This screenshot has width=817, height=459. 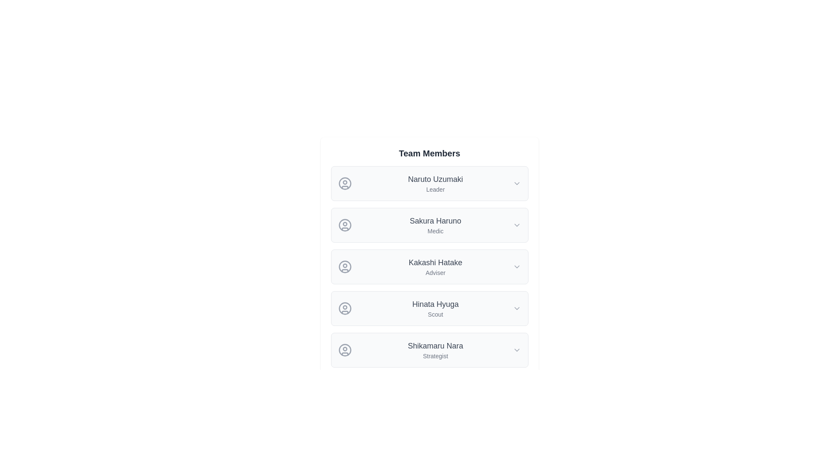 I want to click on the third team member panel labeled 'Kakashi Hatake', so click(x=429, y=266).